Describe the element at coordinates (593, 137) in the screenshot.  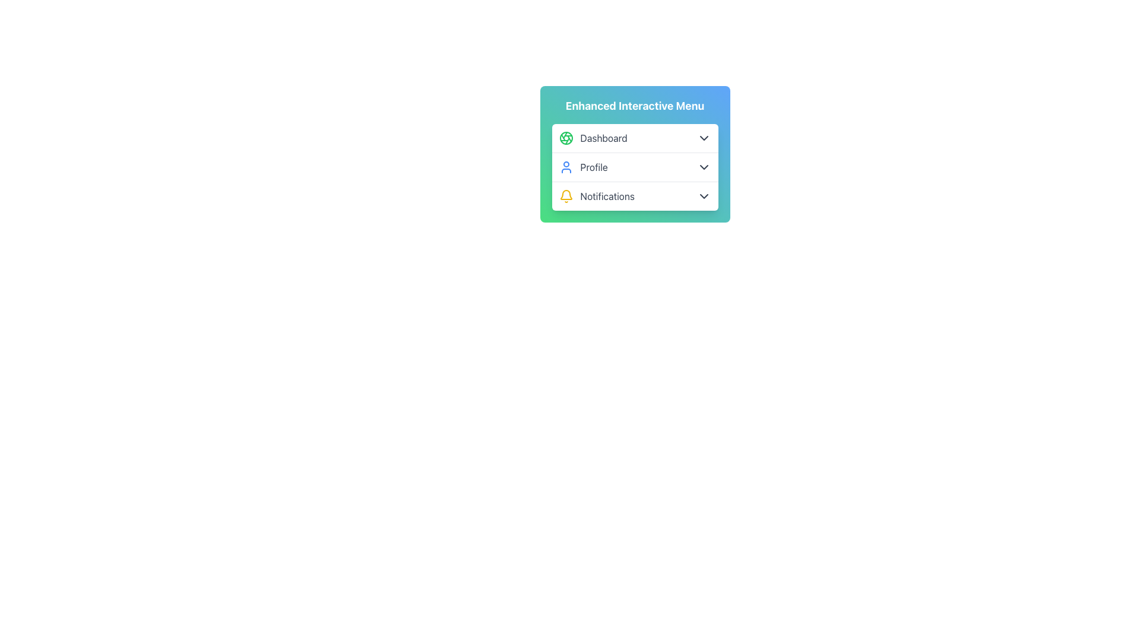
I see `the first entry in the dropdown menu that acts as a navigational link to the 'Dashboard' section` at that location.